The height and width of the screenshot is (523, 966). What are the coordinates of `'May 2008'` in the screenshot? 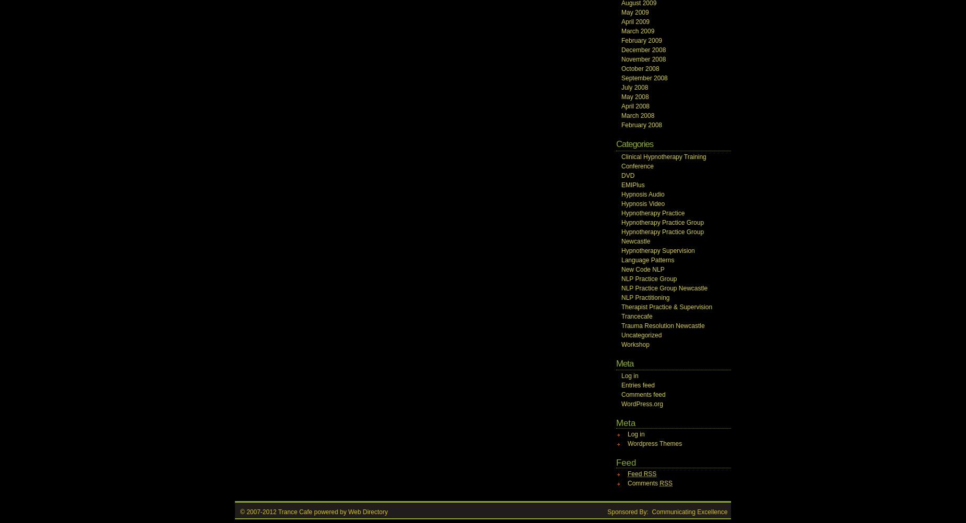 It's located at (620, 95).